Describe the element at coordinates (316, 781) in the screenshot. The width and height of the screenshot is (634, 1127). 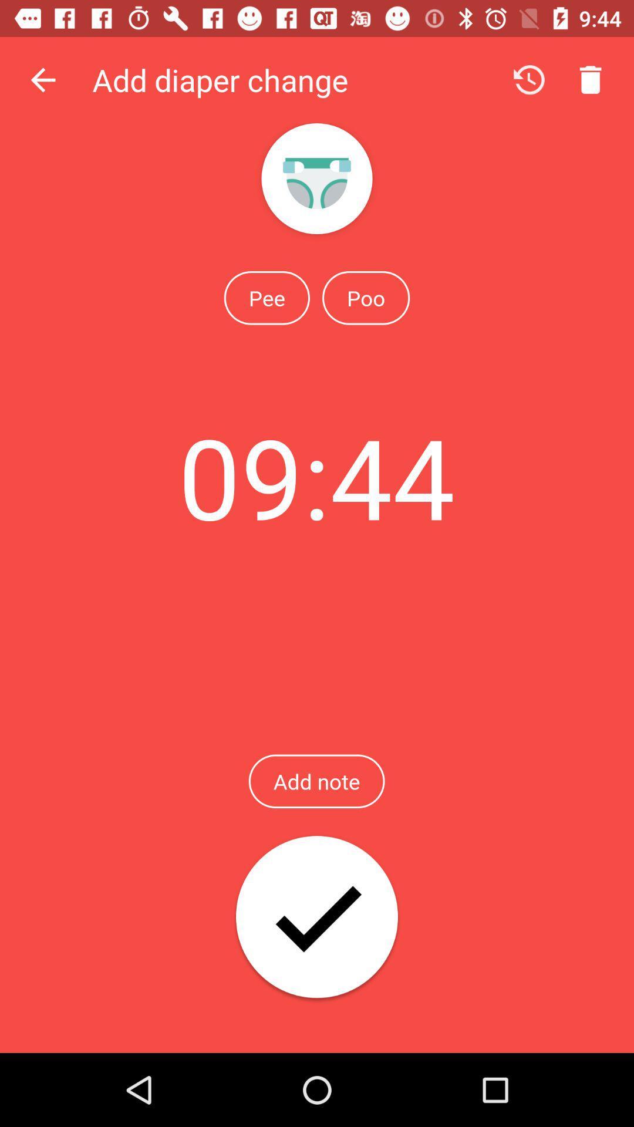
I see `add note item` at that location.